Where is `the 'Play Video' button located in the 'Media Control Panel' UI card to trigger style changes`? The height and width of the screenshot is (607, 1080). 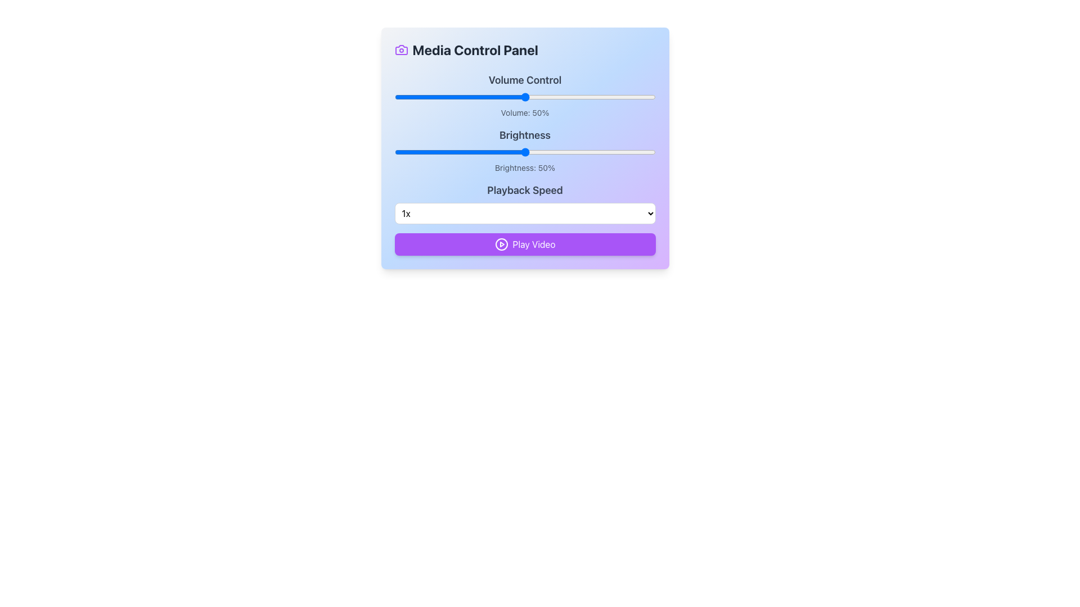 the 'Play Video' button located in the 'Media Control Panel' UI card to trigger style changes is located at coordinates (524, 244).